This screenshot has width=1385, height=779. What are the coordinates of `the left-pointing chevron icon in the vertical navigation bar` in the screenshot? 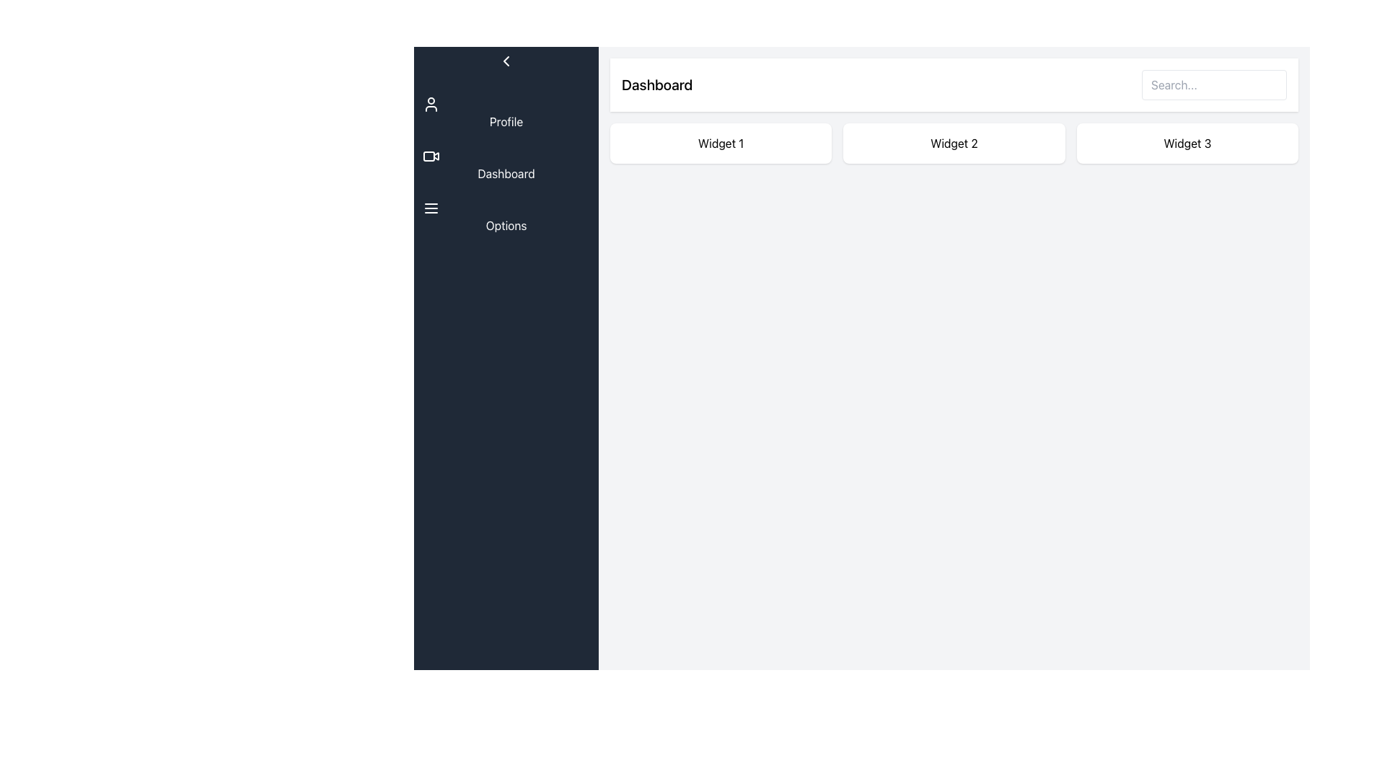 It's located at (506, 60).